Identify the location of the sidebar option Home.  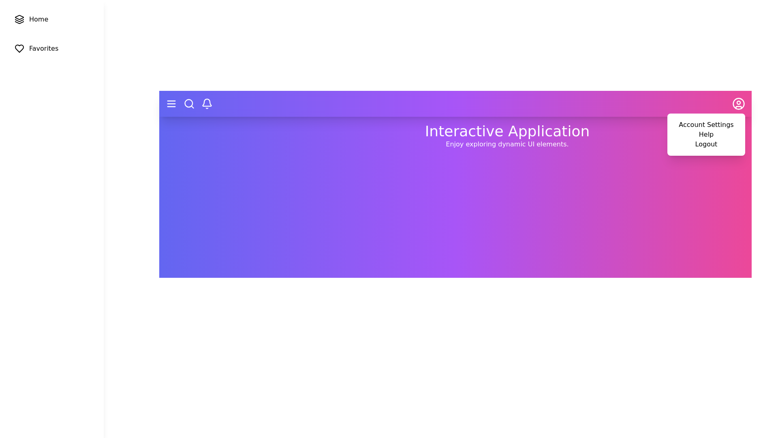
(51, 19).